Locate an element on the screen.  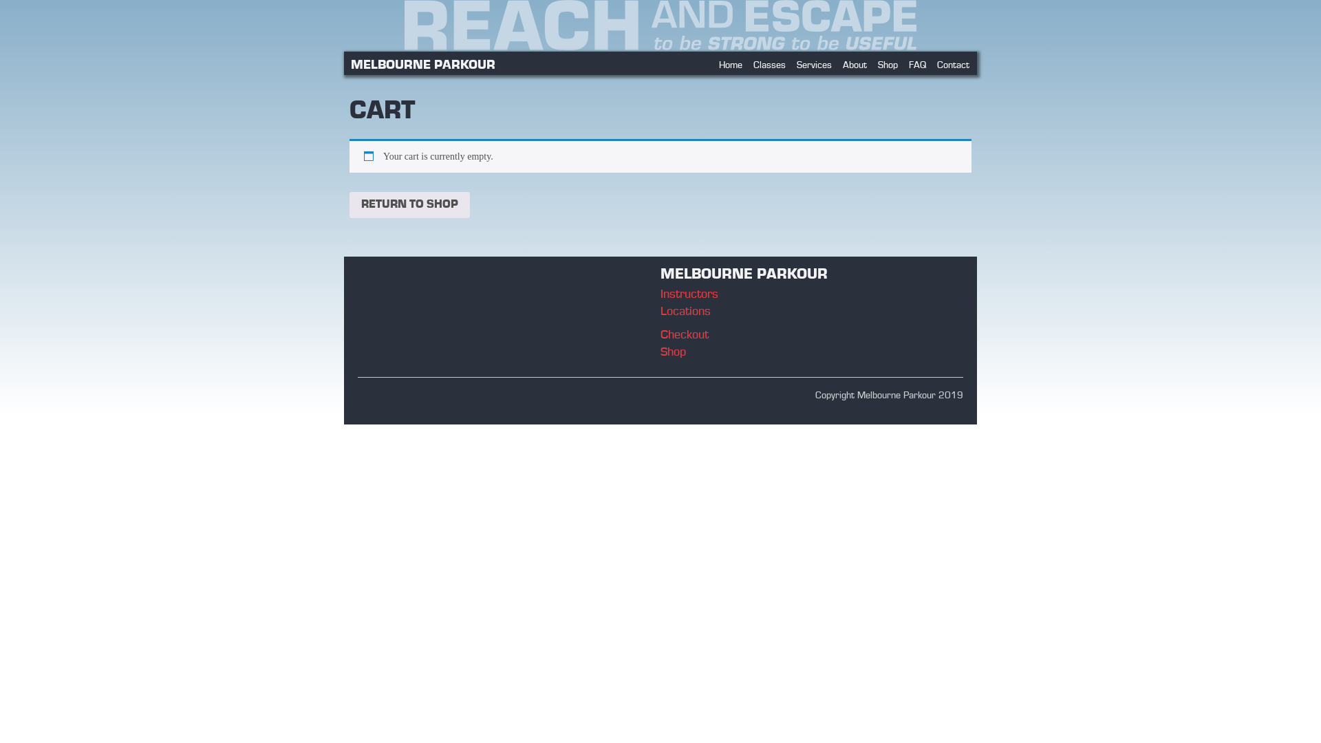
'Locations' is located at coordinates (685, 312).